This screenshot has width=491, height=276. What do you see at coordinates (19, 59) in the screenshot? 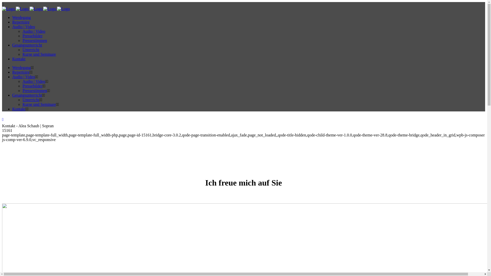
I see `'Kontakt'` at bounding box center [19, 59].